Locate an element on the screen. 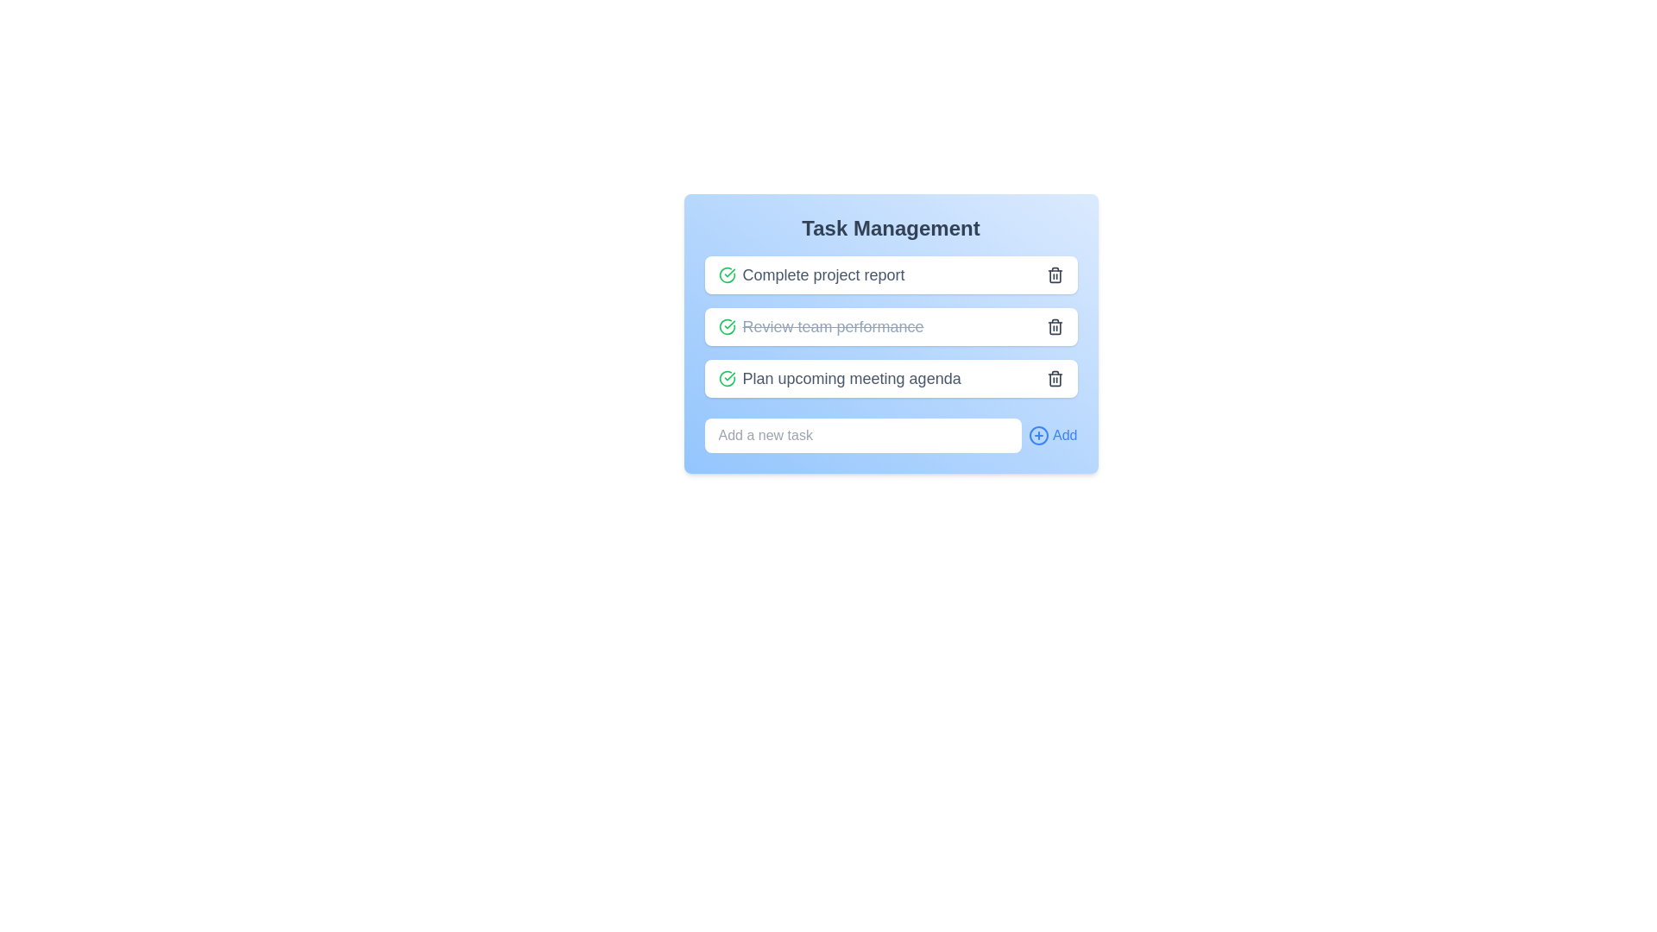 This screenshot has height=932, width=1657. the circular icon with a blue outline and a plus sign inside, located to the left of the text 'Add' in the task management interface is located at coordinates (1038, 435).